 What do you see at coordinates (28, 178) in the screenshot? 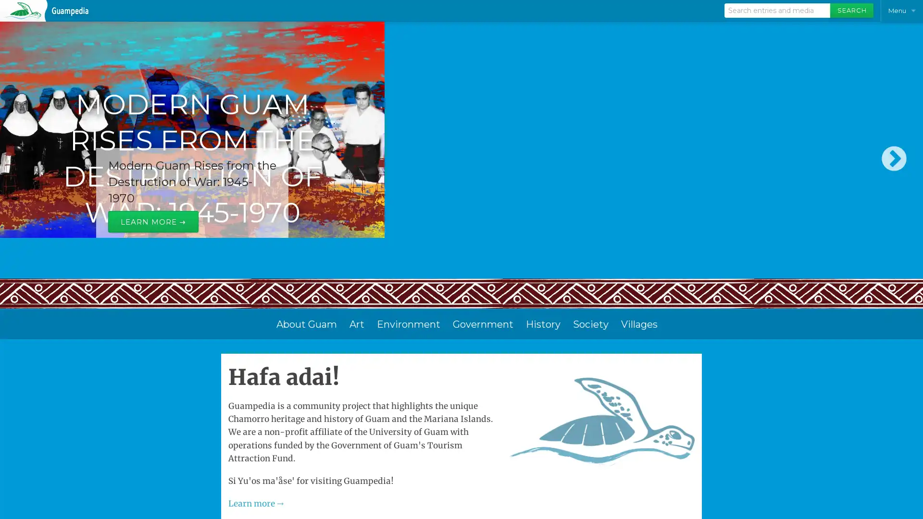
I see `Previous` at bounding box center [28, 178].